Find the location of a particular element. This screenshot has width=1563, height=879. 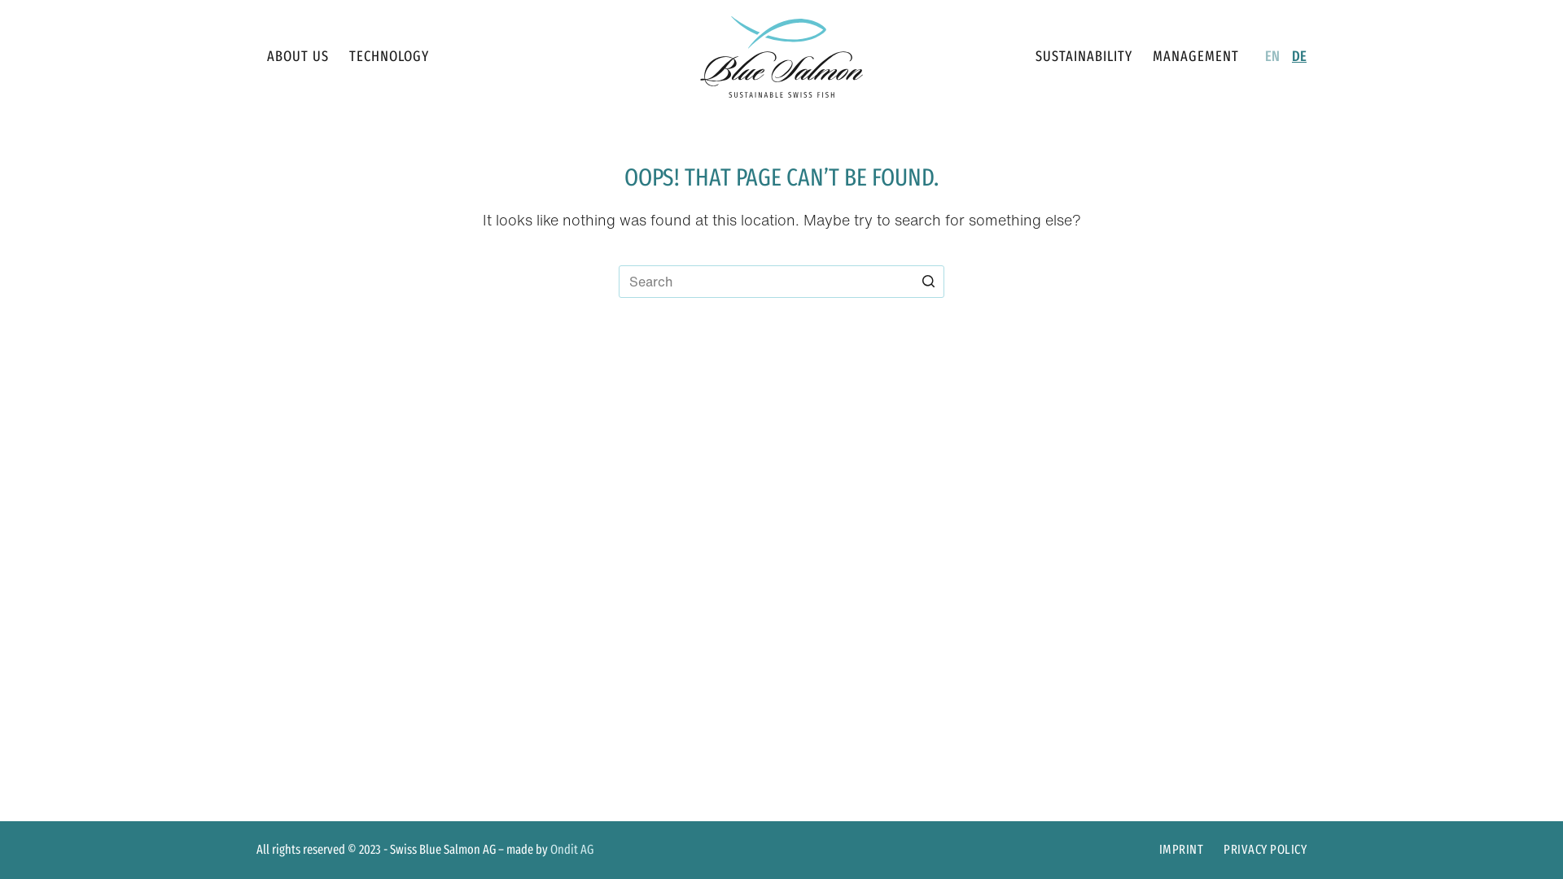

'ABOUT US' is located at coordinates (297, 55).